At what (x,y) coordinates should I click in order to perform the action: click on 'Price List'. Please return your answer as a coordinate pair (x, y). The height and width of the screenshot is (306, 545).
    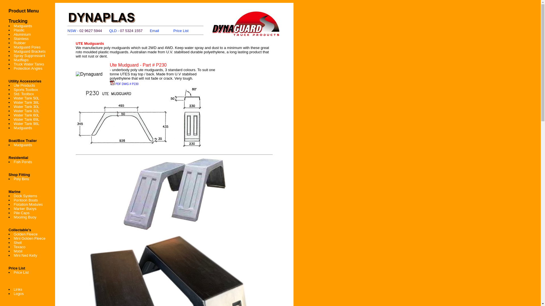
    Looking at the image, I should click on (181, 30).